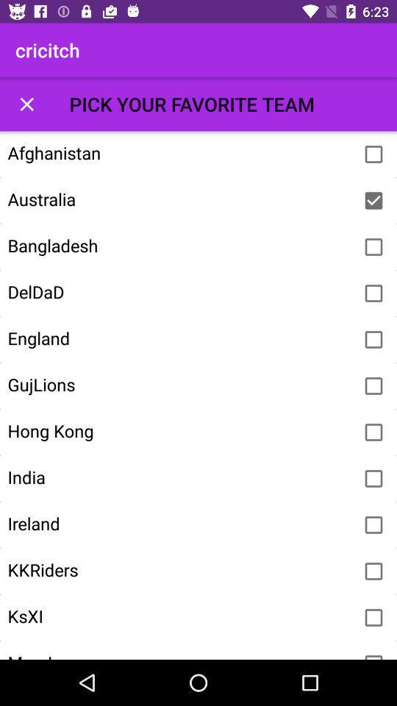  Describe the element at coordinates (373, 200) in the screenshot. I see `mark favorite team` at that location.